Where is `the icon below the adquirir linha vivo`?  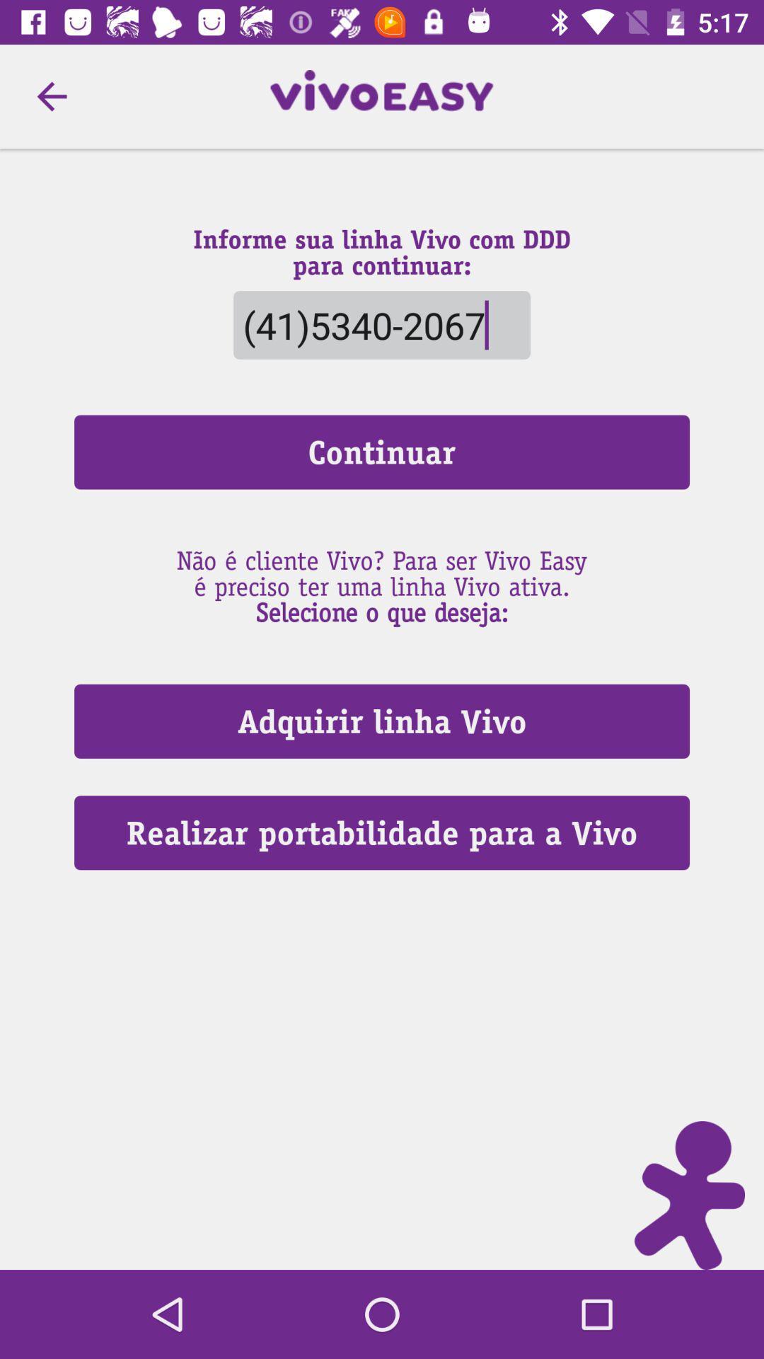 the icon below the adquirir linha vivo is located at coordinates (382, 832).